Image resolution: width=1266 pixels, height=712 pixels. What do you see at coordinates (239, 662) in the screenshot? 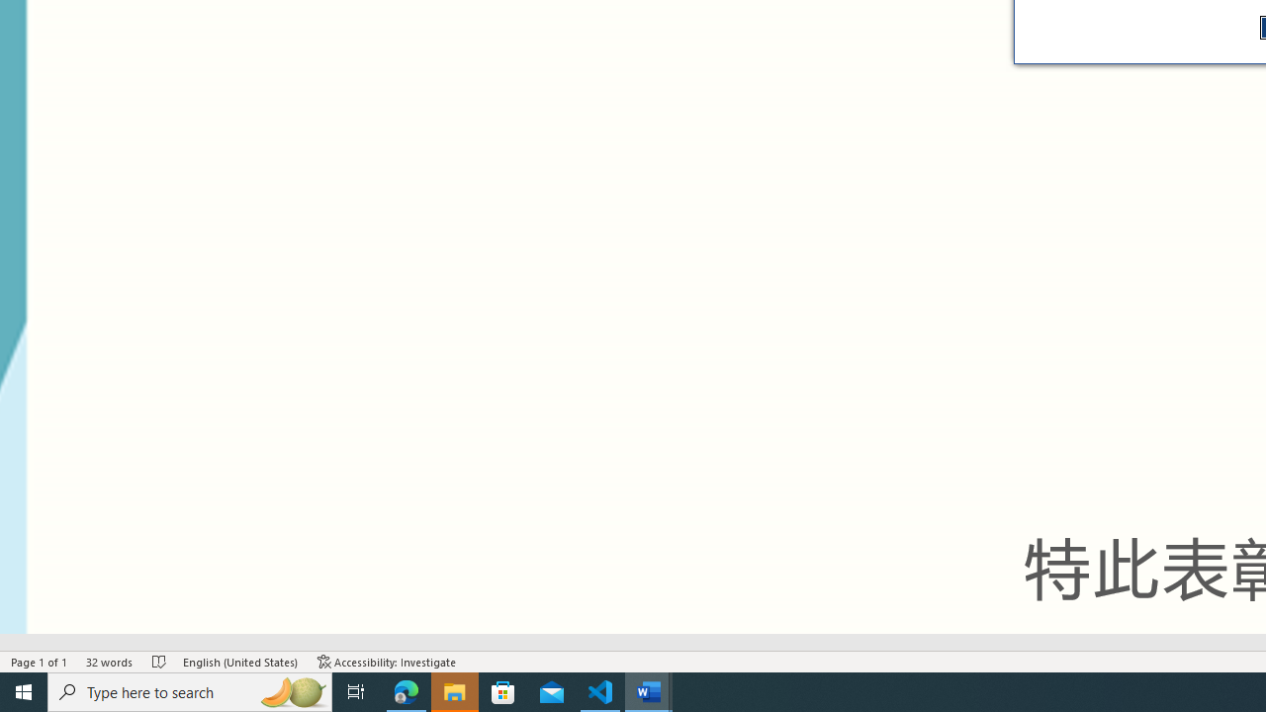
I see `'Language English (United States)'` at bounding box center [239, 662].